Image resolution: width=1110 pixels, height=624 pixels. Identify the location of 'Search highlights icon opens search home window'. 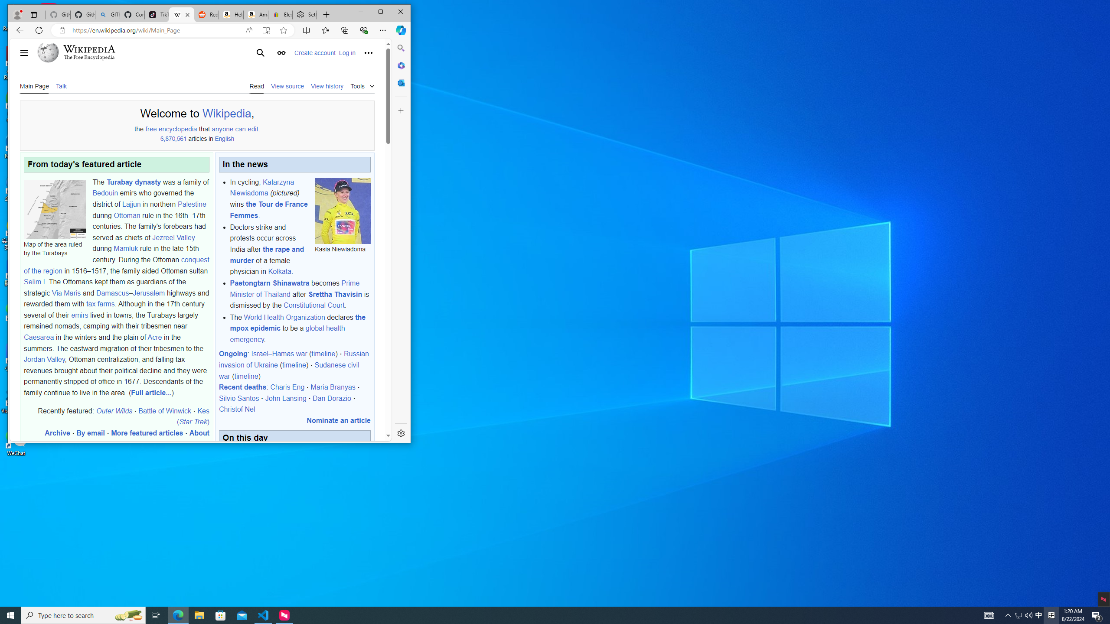
(127, 614).